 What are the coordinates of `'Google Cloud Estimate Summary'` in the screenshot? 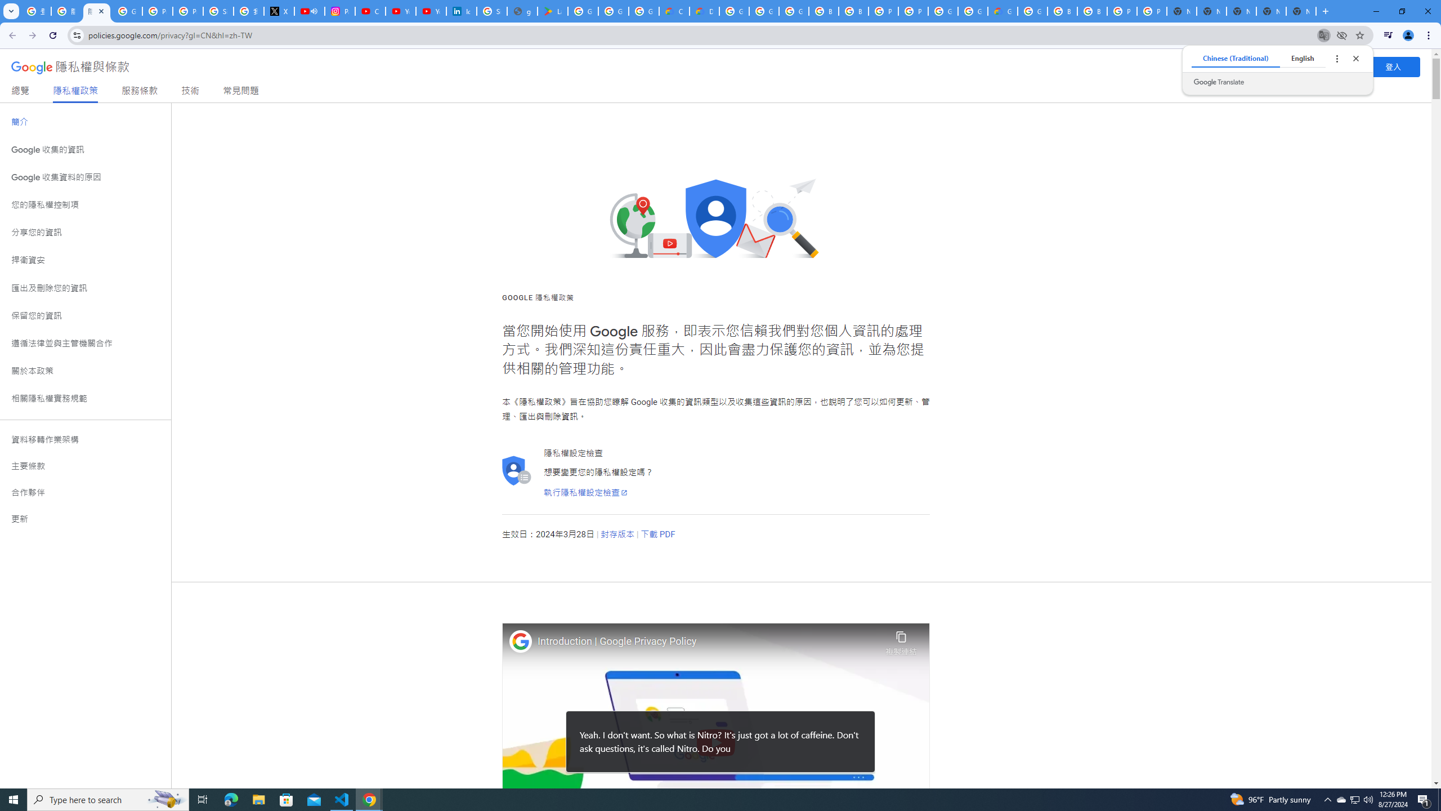 It's located at (1003, 11).